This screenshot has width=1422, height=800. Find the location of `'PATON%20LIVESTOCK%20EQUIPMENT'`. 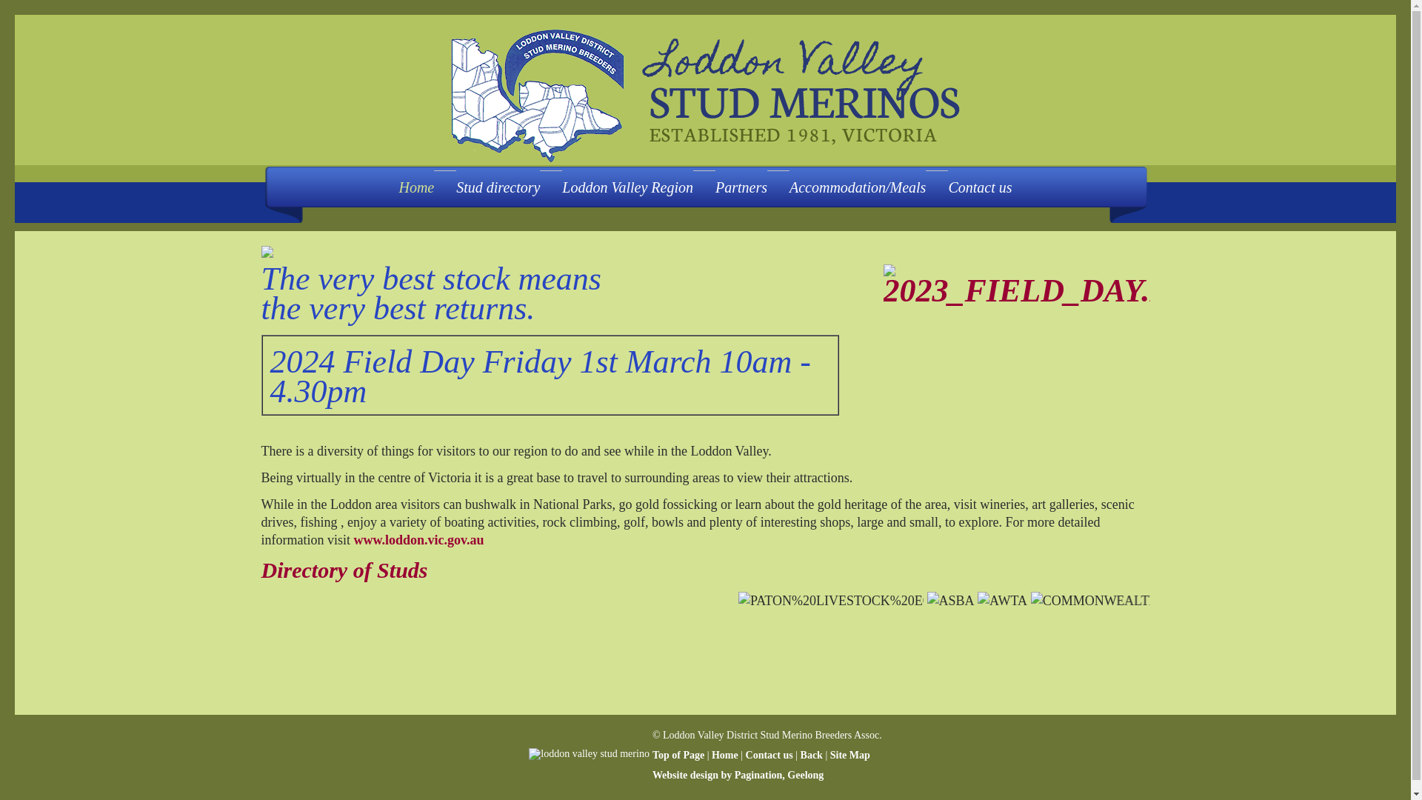

'PATON%20LIVESTOCK%20EQUIPMENT' is located at coordinates (845, 600).